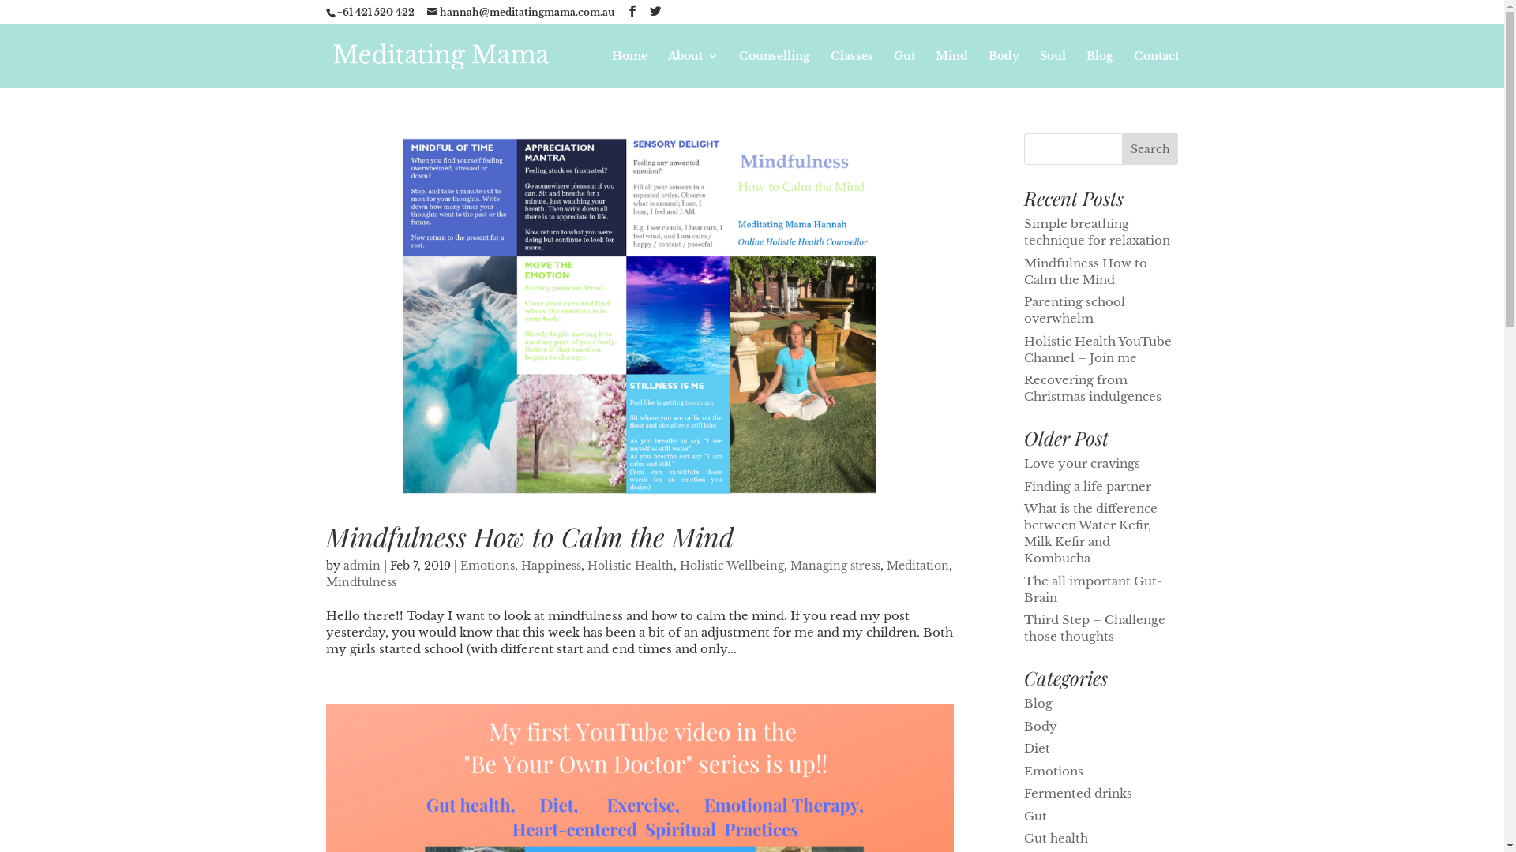 The width and height of the screenshot is (1516, 852). I want to click on 'Love your cravings', so click(1081, 462).